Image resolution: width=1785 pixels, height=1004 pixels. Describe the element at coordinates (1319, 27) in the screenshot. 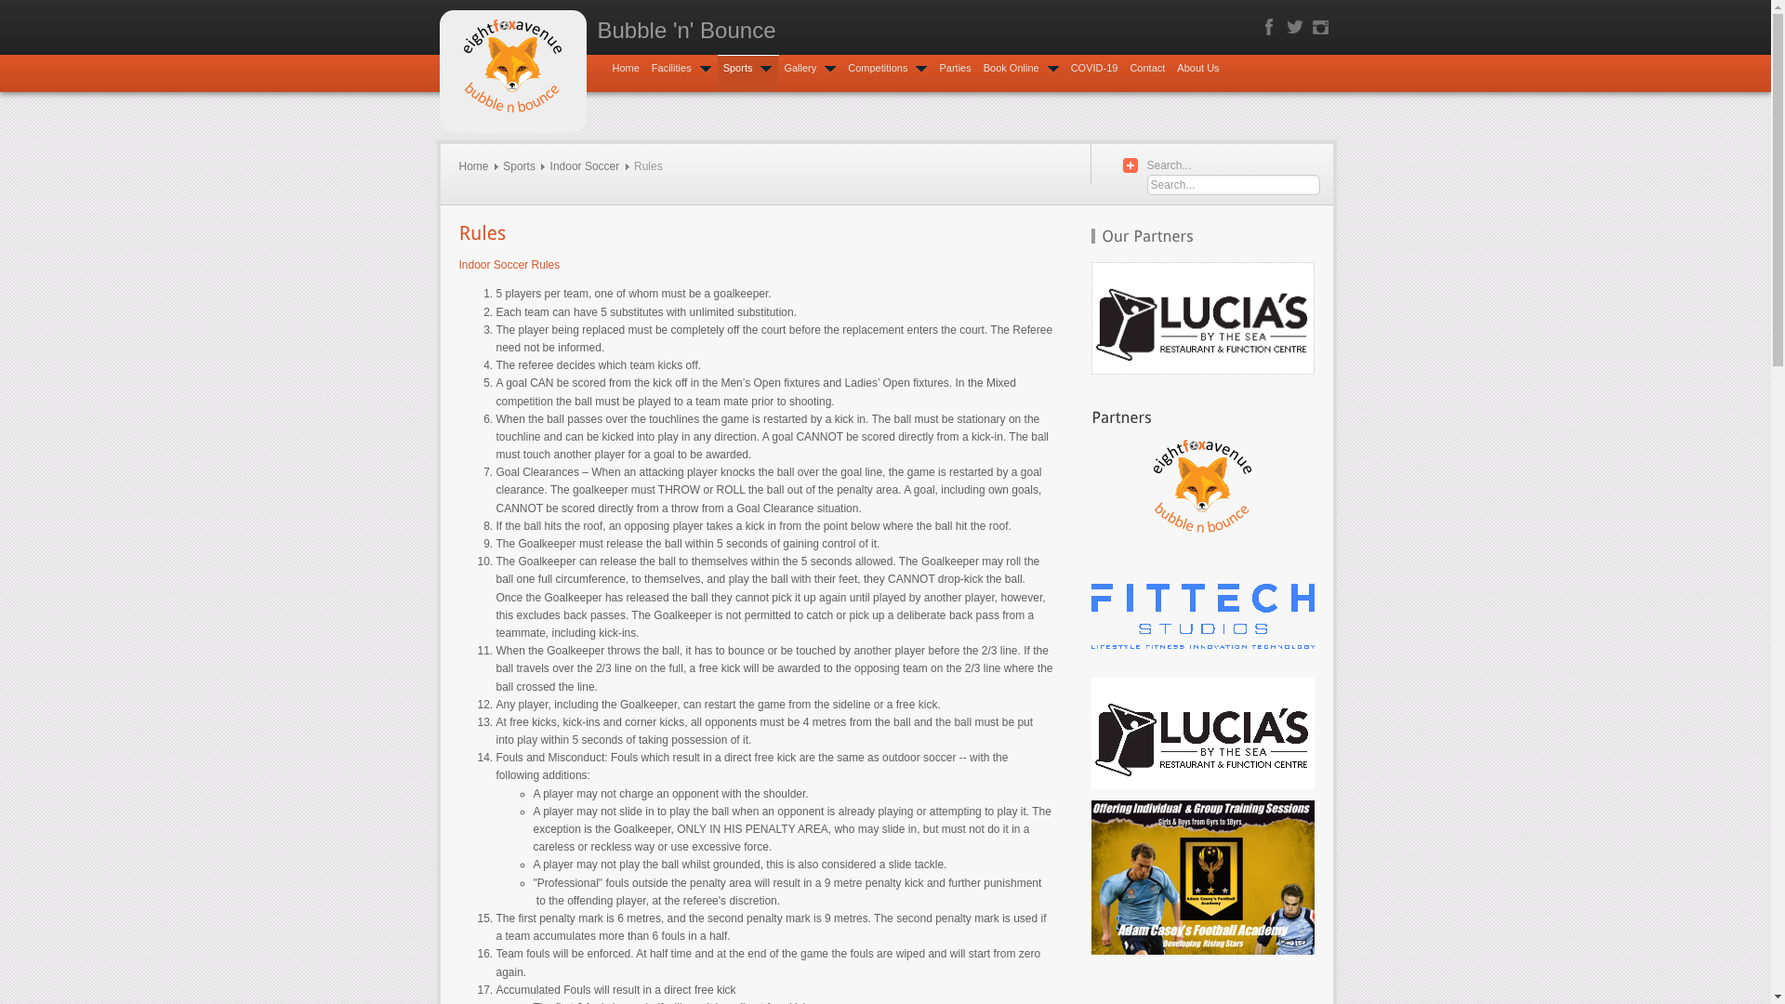

I see `'Instagram'` at that location.